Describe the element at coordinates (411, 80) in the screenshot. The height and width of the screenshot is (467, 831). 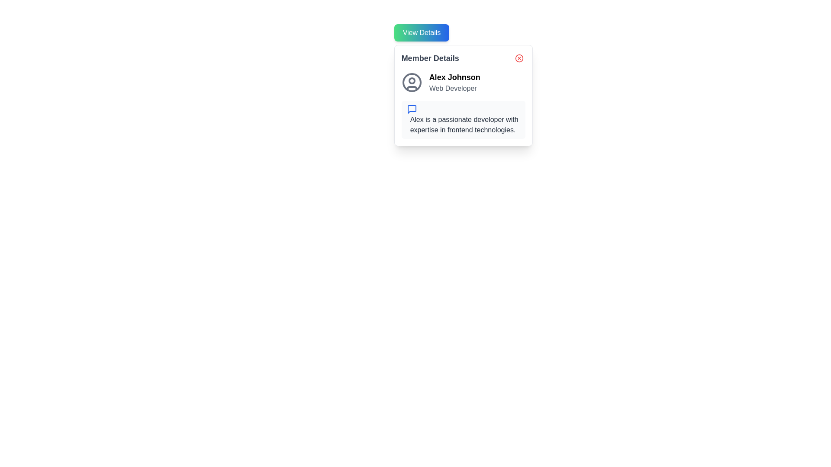
I see `the circular element that represents a user's head within the user profile icon in the 'Member Details' section` at that location.